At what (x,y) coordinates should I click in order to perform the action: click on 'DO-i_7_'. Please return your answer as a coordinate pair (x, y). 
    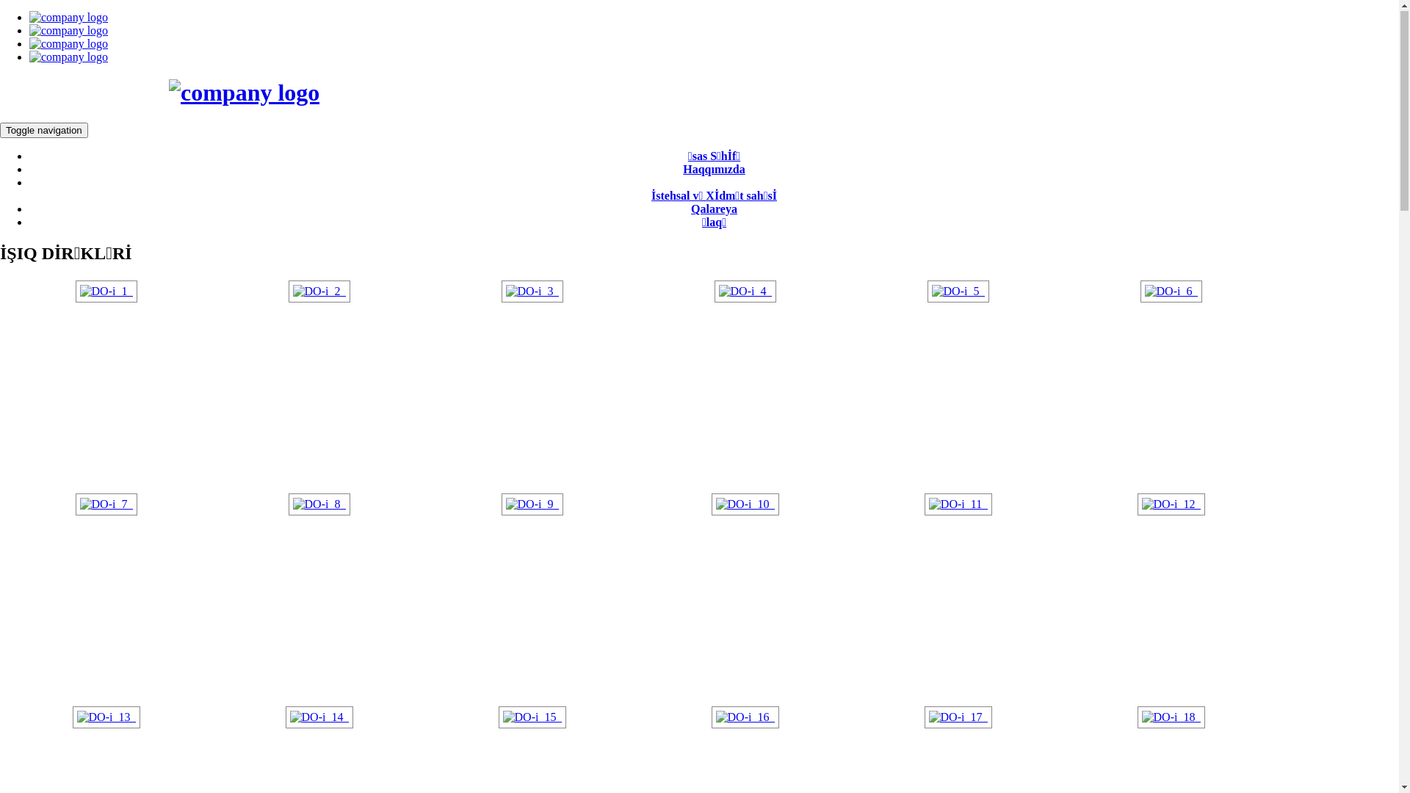
    Looking at the image, I should click on (106, 504).